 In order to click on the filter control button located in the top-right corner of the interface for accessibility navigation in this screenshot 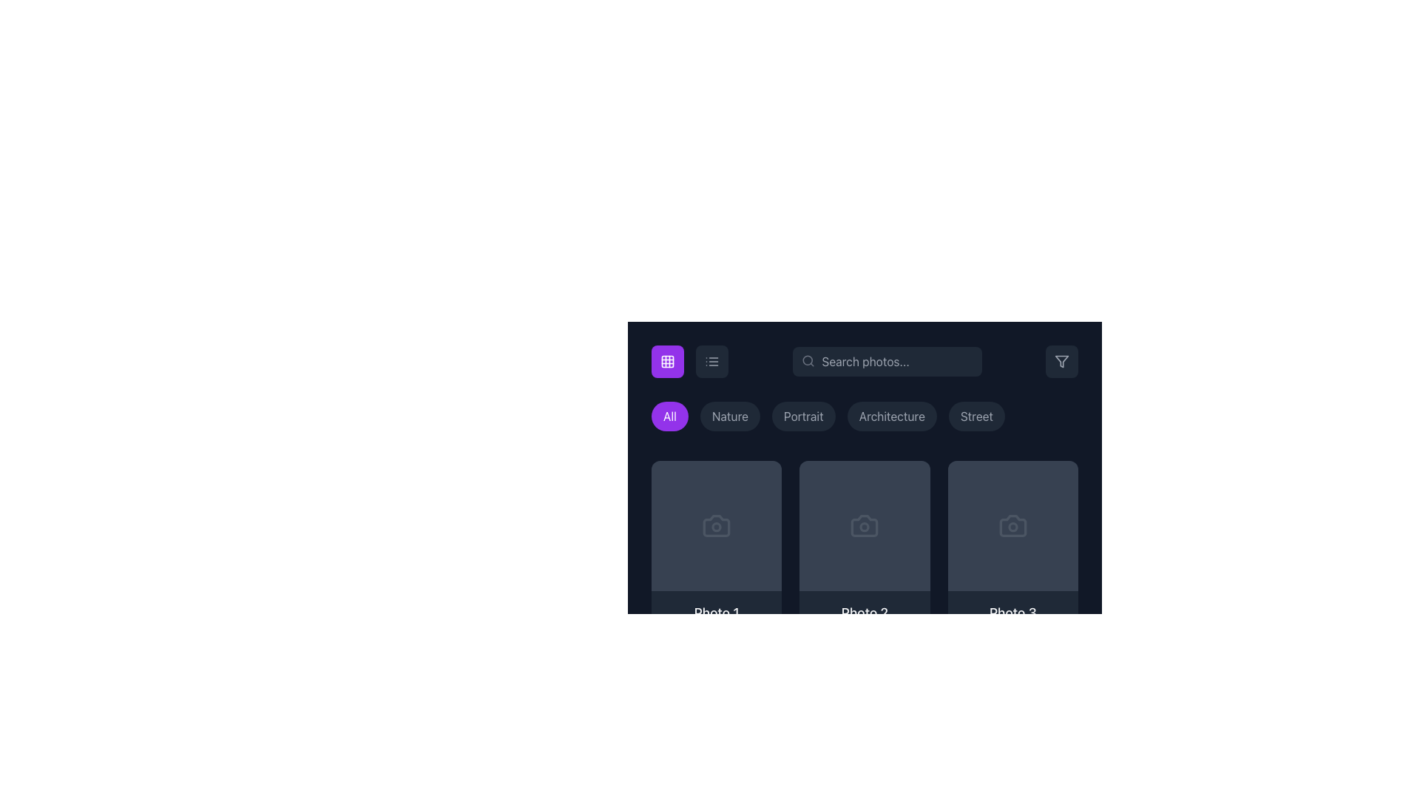, I will do `click(1061, 362)`.